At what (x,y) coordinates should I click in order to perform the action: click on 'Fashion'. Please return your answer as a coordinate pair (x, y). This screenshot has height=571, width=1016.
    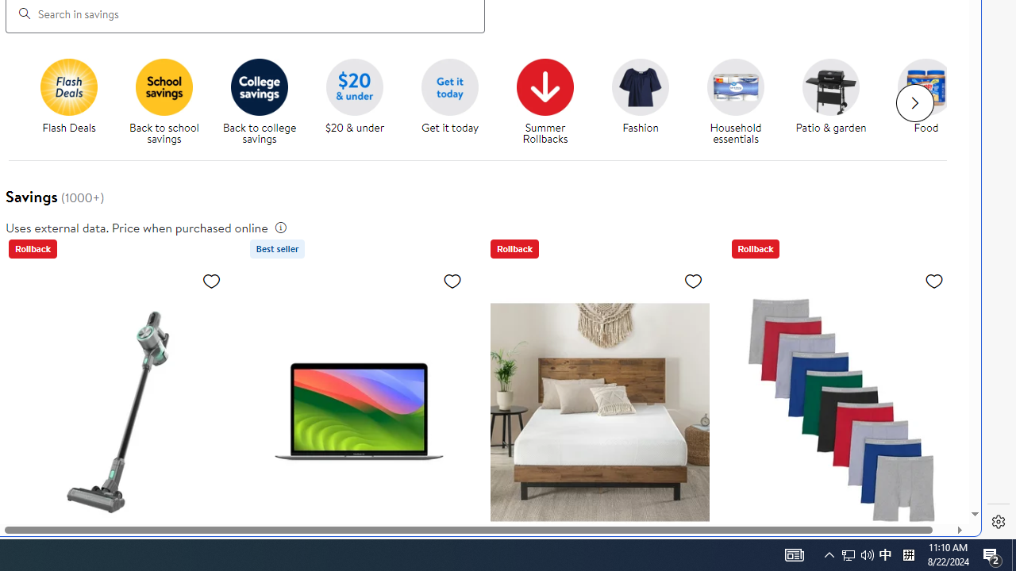
    Looking at the image, I should click on (647, 102).